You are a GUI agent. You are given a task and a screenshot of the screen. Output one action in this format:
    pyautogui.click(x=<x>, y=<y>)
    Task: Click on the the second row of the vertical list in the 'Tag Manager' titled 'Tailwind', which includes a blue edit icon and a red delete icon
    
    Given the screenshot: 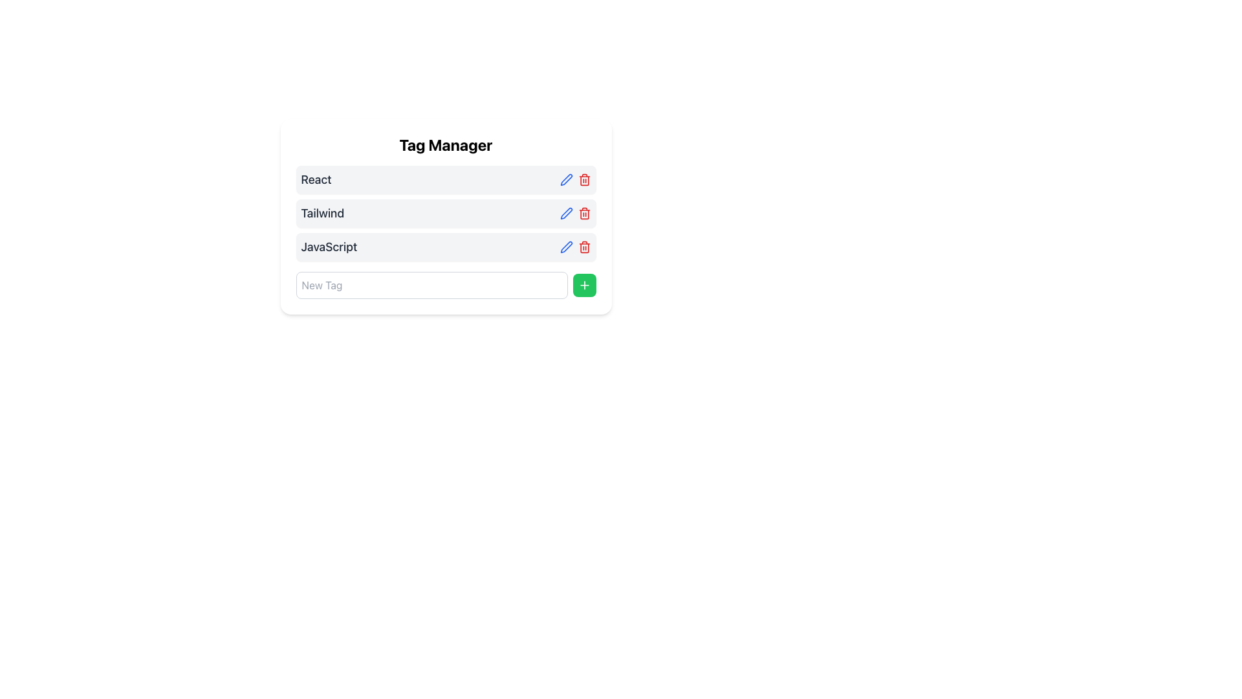 What is the action you would take?
    pyautogui.click(x=446, y=213)
    